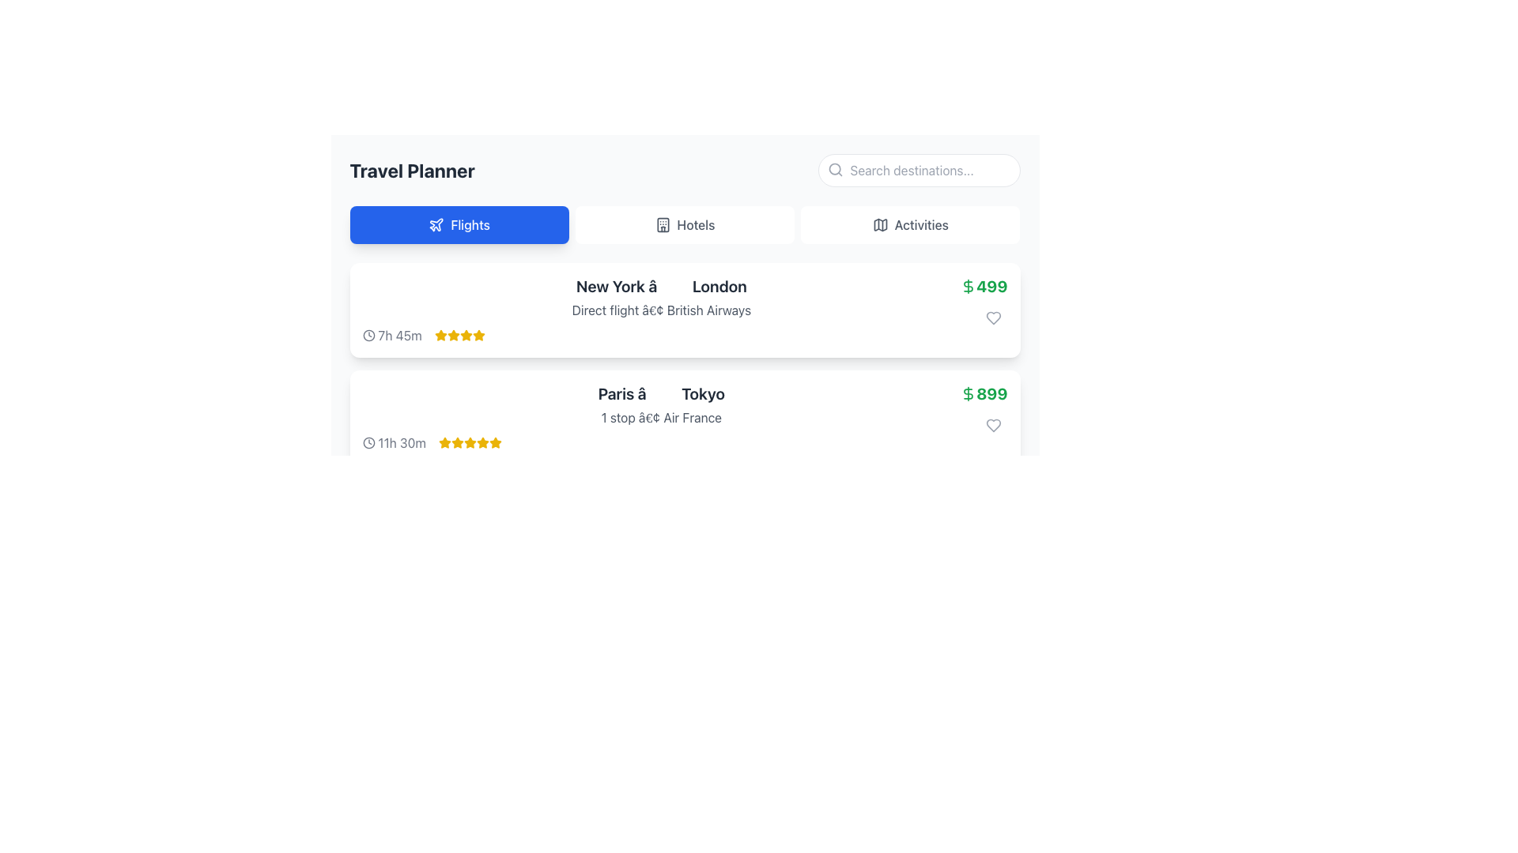  What do you see at coordinates (661, 416) in the screenshot?
I see `the second flight option in the travel options list` at bounding box center [661, 416].